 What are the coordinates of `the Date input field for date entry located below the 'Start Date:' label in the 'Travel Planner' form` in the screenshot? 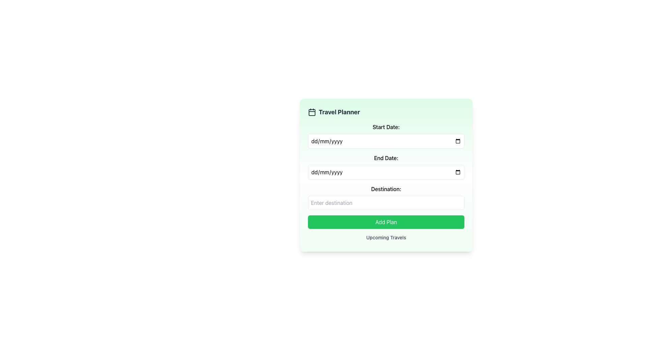 It's located at (386, 141).